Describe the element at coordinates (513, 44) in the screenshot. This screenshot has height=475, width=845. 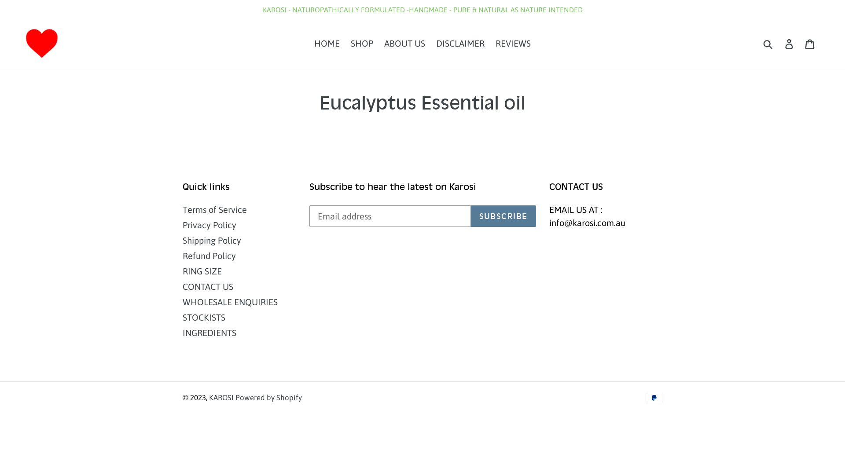
I see `'REVIEWS'` at that location.